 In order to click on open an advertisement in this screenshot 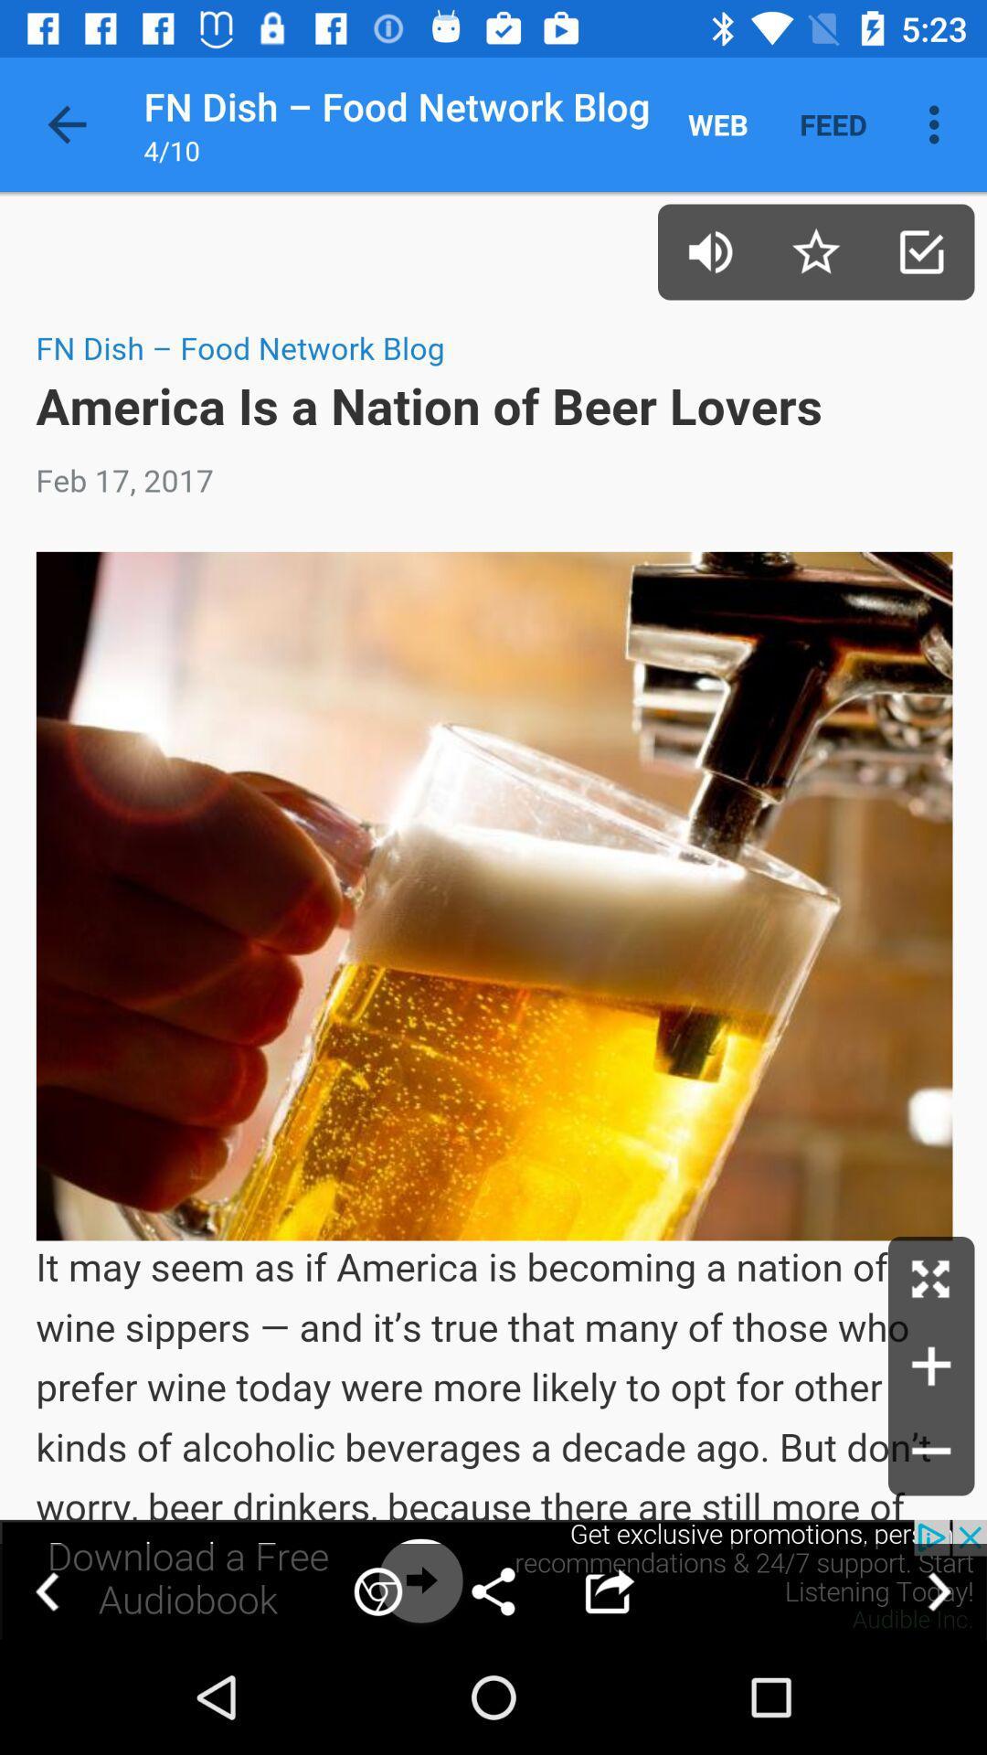, I will do `click(493, 1579)`.